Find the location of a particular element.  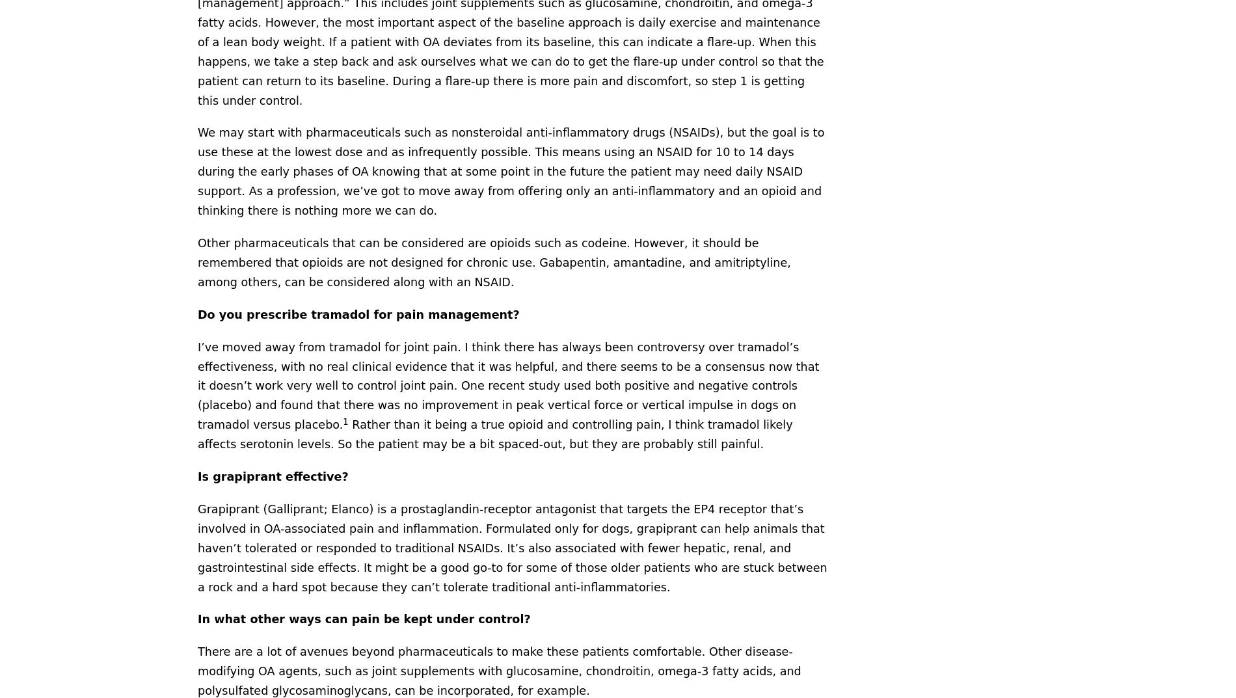

'Grapiprant (Galliprant; Elanco) is a prostaglandin-receptor antagonist that targets the EP4 receptor that’s involved in OA-associated pain and inflammation. Formulated only for dogs, grapiprant can help animals that haven’t tolerated or responded to traditional NSAIDs. It’s also associated with fewer hepatic, renal, and gastrointestinal side effects. It might be a good go-to for some of those older patients who are stuck between a rock and a hard spot because they can’t tolerate traditional anti-inflammatories.' is located at coordinates (511, 546).